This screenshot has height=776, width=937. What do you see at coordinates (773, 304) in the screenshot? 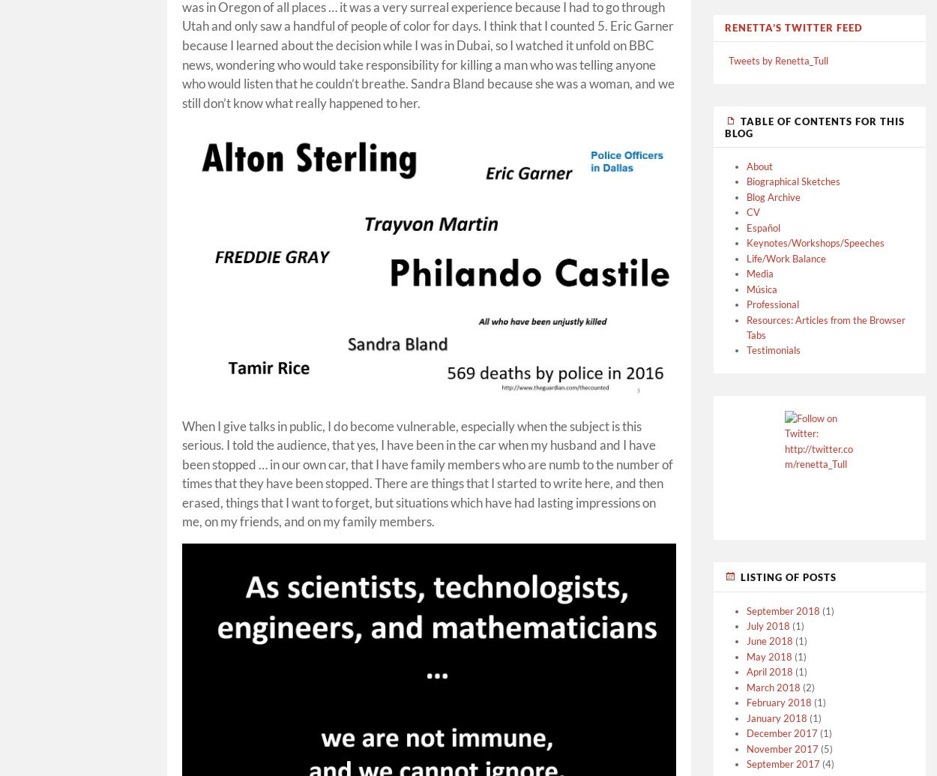
I see `'Professional'` at bounding box center [773, 304].